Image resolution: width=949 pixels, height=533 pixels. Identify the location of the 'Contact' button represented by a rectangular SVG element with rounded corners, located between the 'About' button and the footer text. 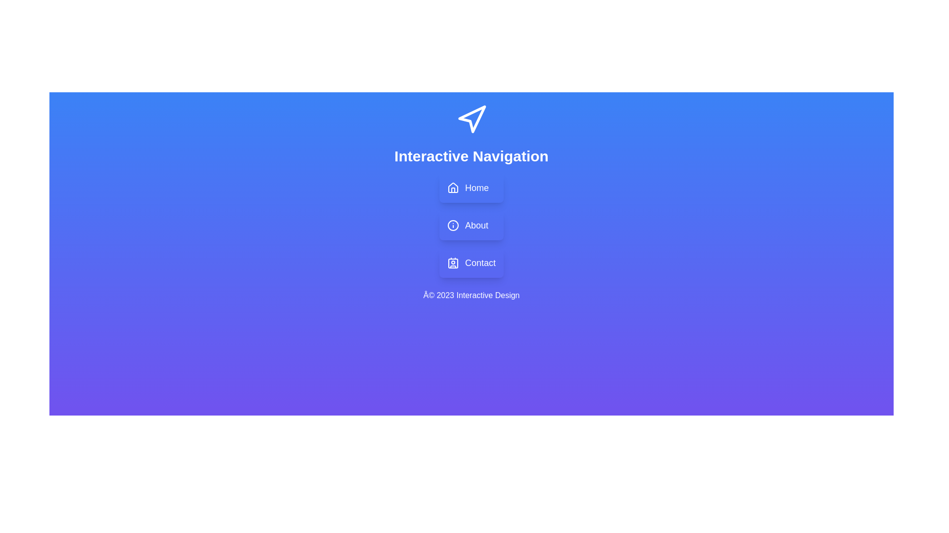
(452, 263).